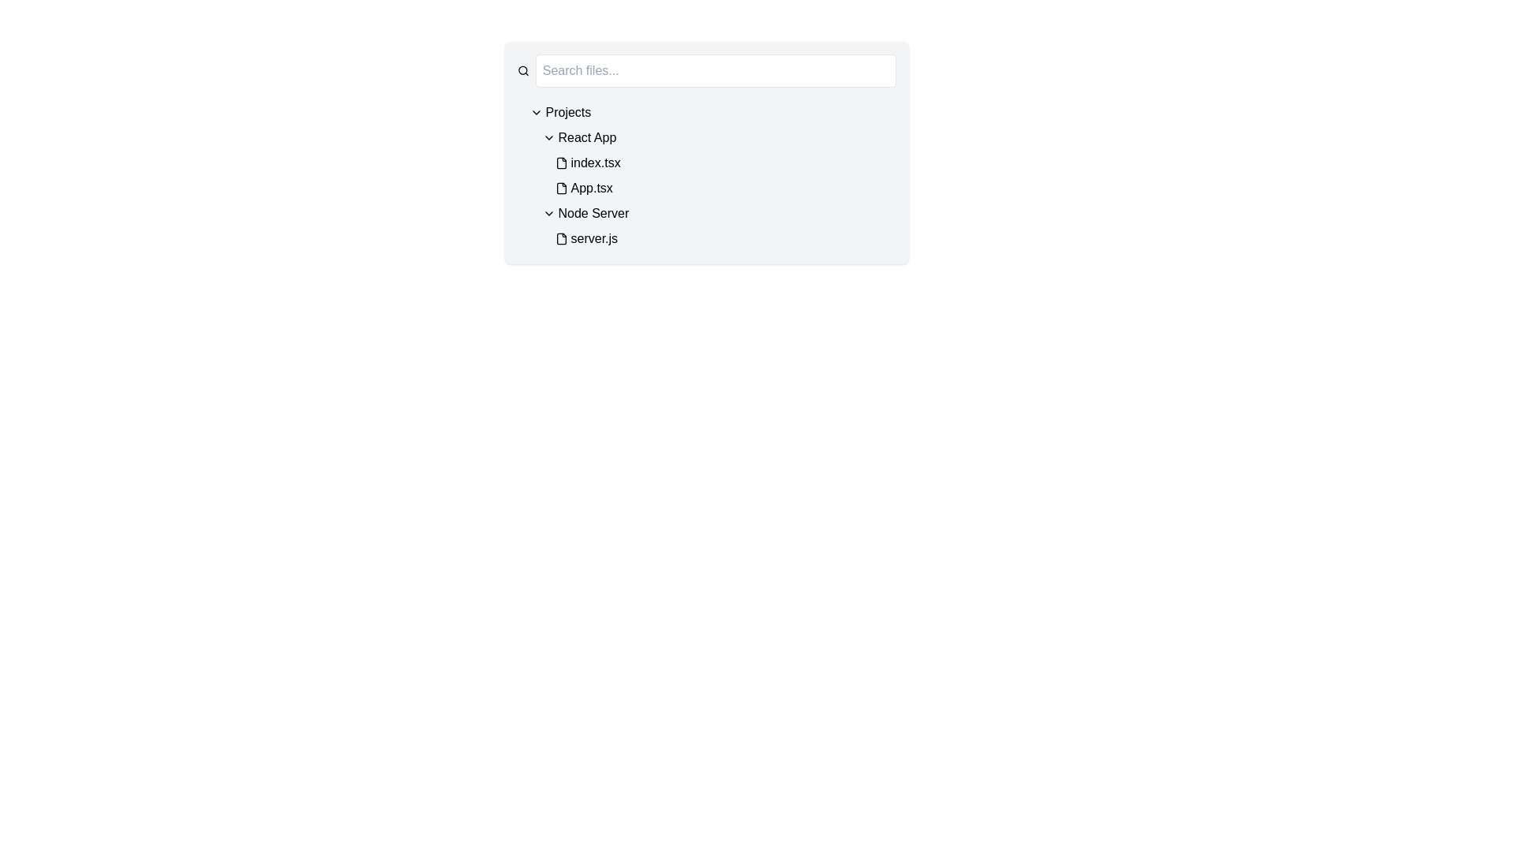 The image size is (1515, 852). I want to click on the 'React App' selectable menu item, so click(586, 136).